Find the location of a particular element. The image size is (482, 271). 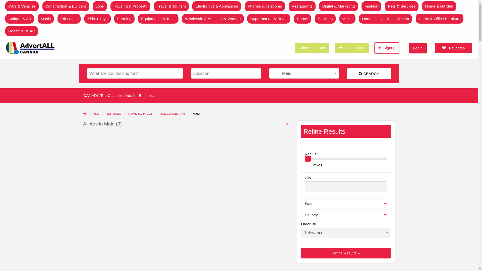

'Cars & Vehicles' is located at coordinates (5, 6).